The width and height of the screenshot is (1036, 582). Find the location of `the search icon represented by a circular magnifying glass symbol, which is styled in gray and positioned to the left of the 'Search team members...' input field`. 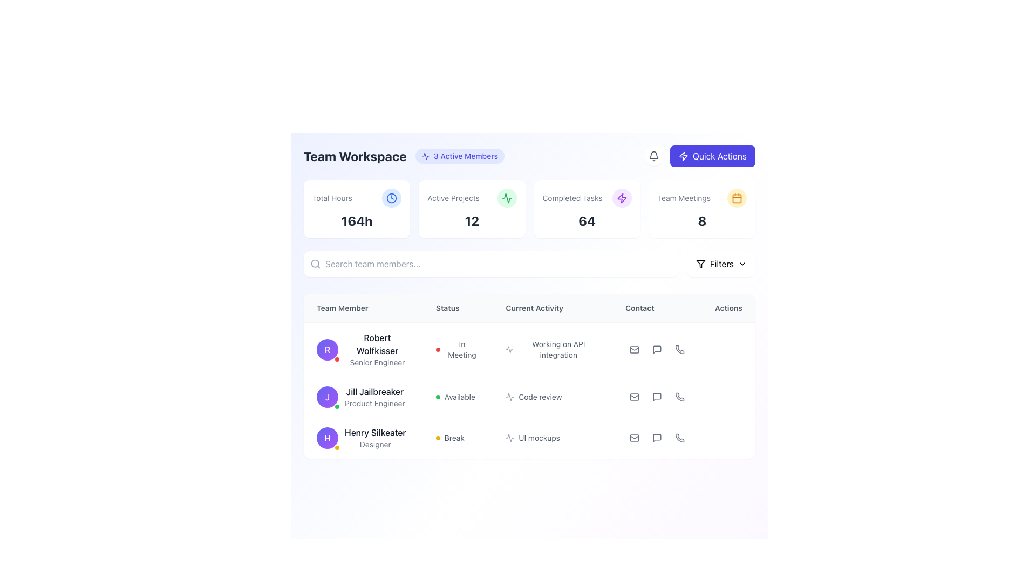

the search icon represented by a circular magnifying glass symbol, which is styled in gray and positioned to the left of the 'Search team members...' input field is located at coordinates (315, 264).